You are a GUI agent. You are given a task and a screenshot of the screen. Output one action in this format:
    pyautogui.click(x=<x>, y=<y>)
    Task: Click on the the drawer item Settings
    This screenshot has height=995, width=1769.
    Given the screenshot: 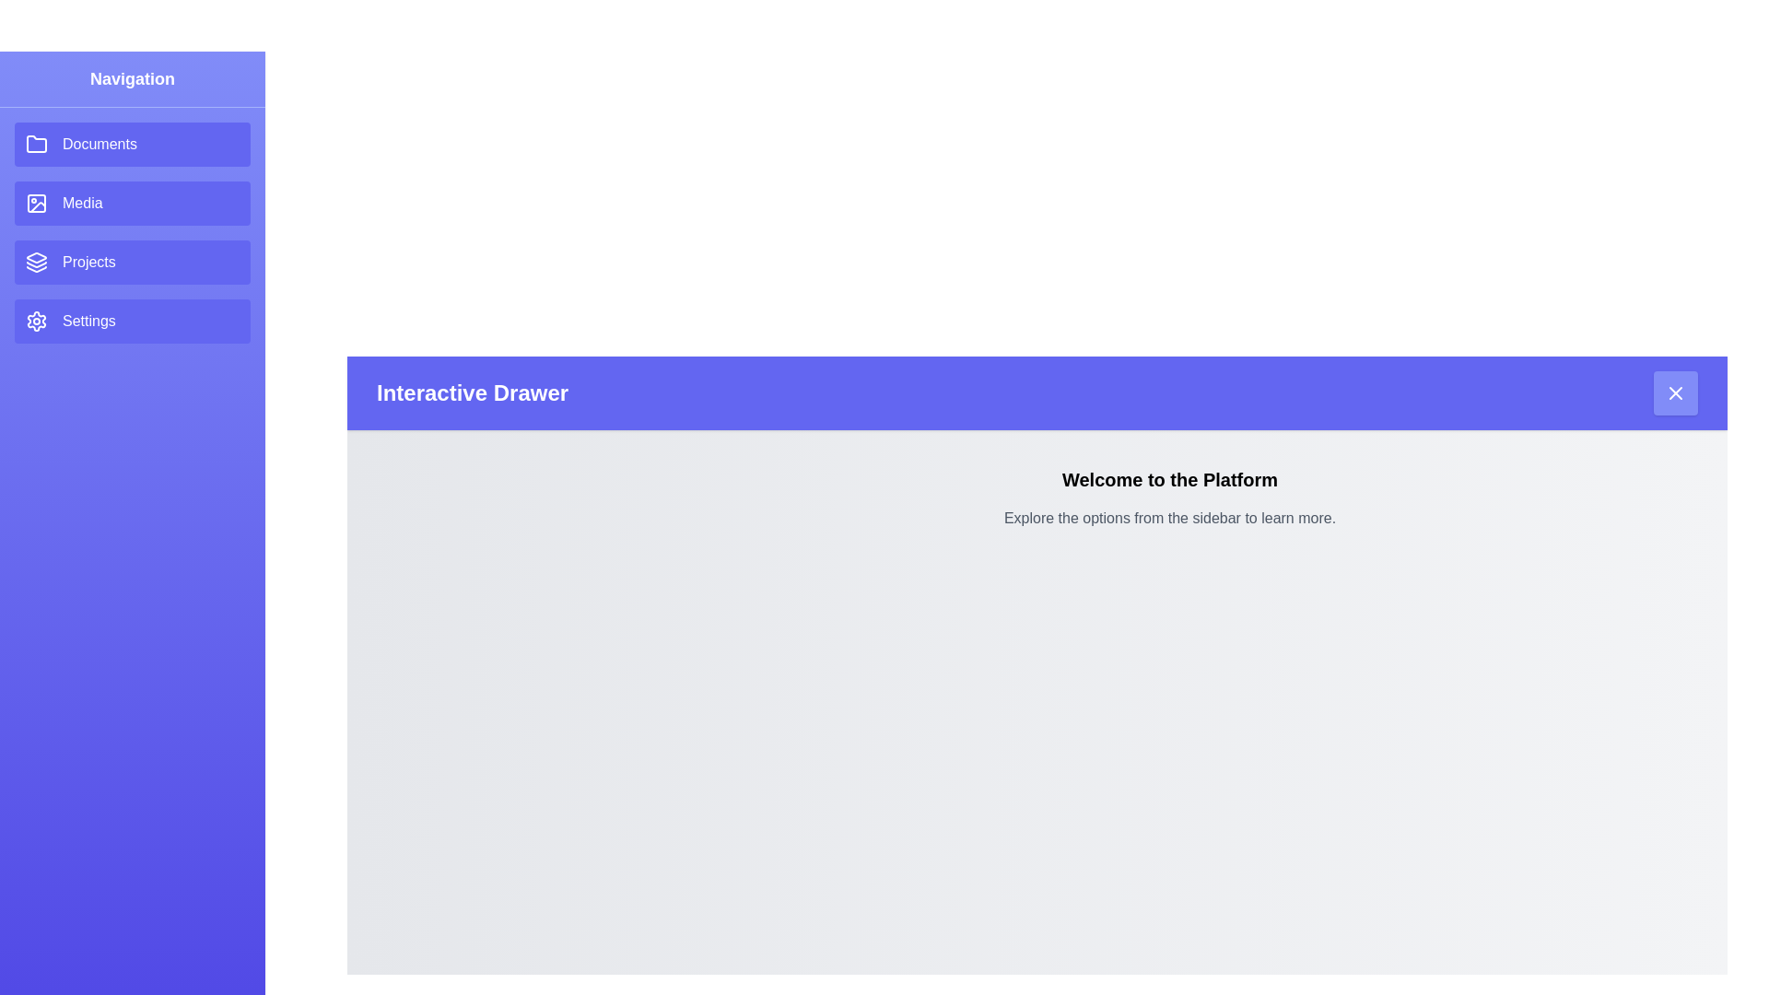 What is the action you would take?
    pyautogui.click(x=132, y=320)
    